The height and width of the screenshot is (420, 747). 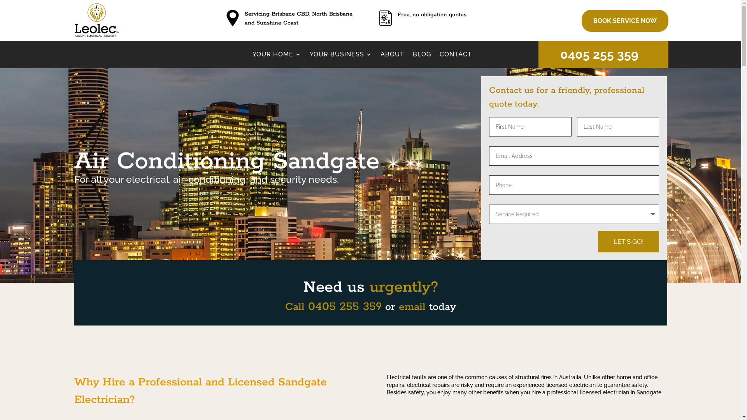 I want to click on 'ABOUT', so click(x=392, y=55).